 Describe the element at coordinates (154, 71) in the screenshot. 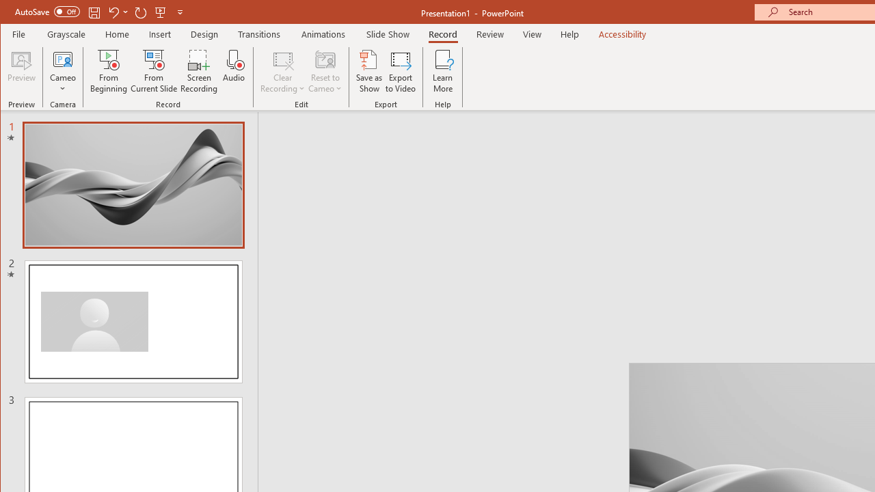

I see `'From Current Slide...'` at that location.